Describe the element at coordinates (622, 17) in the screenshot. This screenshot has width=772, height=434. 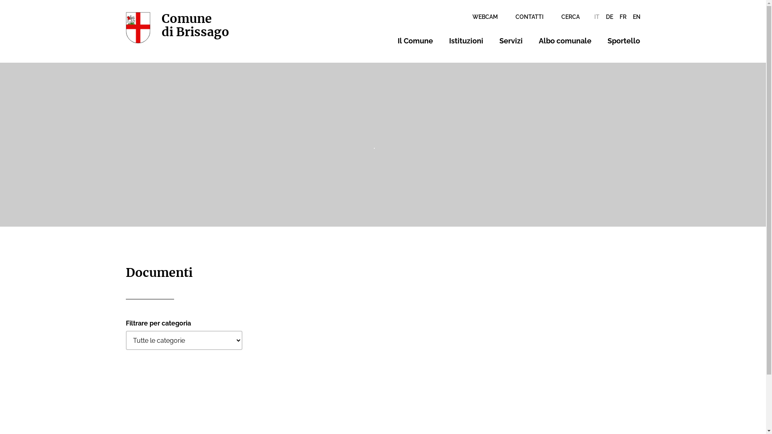
I see `'FR'` at that location.